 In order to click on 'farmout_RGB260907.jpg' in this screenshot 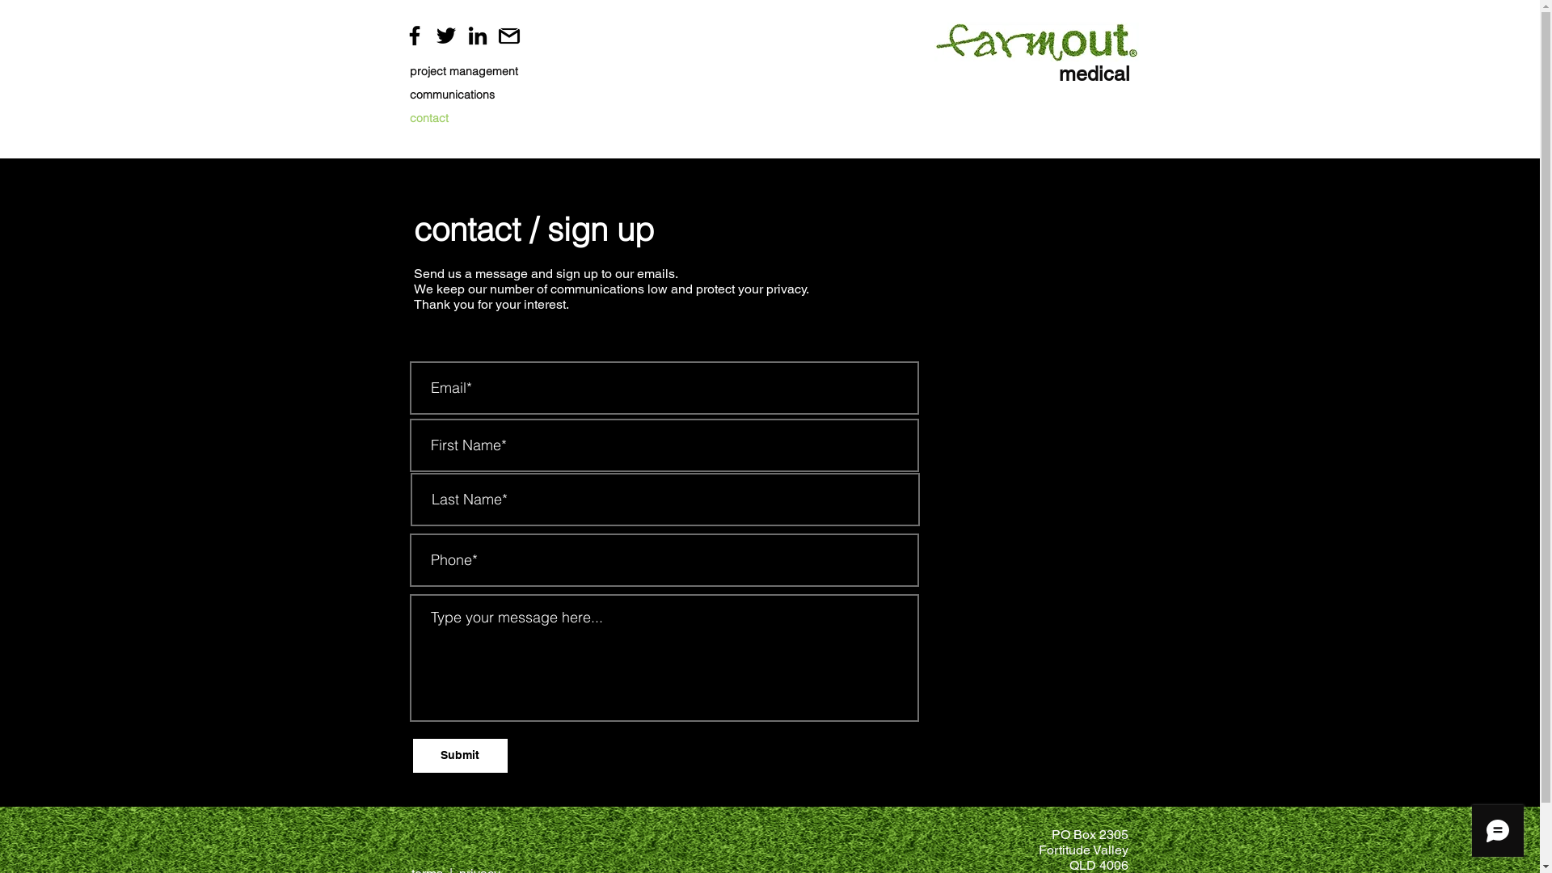, I will do `click(1036, 41)`.